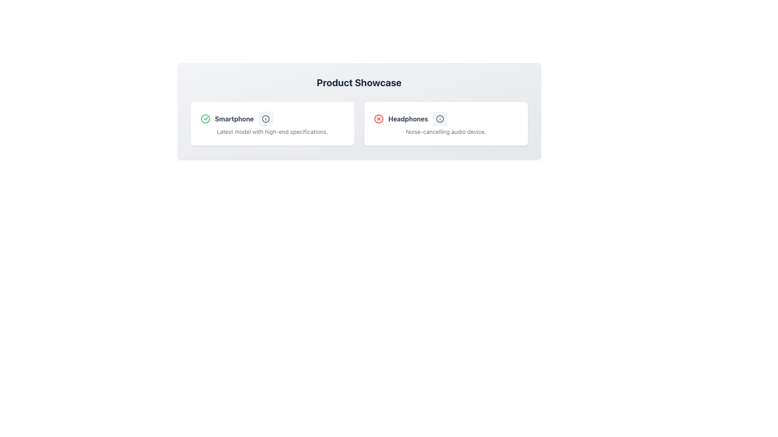 Image resolution: width=778 pixels, height=437 pixels. I want to click on the graphical icon representing a successful or approved status for the 'Smartphone' product, located in the upper left region of the card labeled 'Smartphone.', so click(206, 117).